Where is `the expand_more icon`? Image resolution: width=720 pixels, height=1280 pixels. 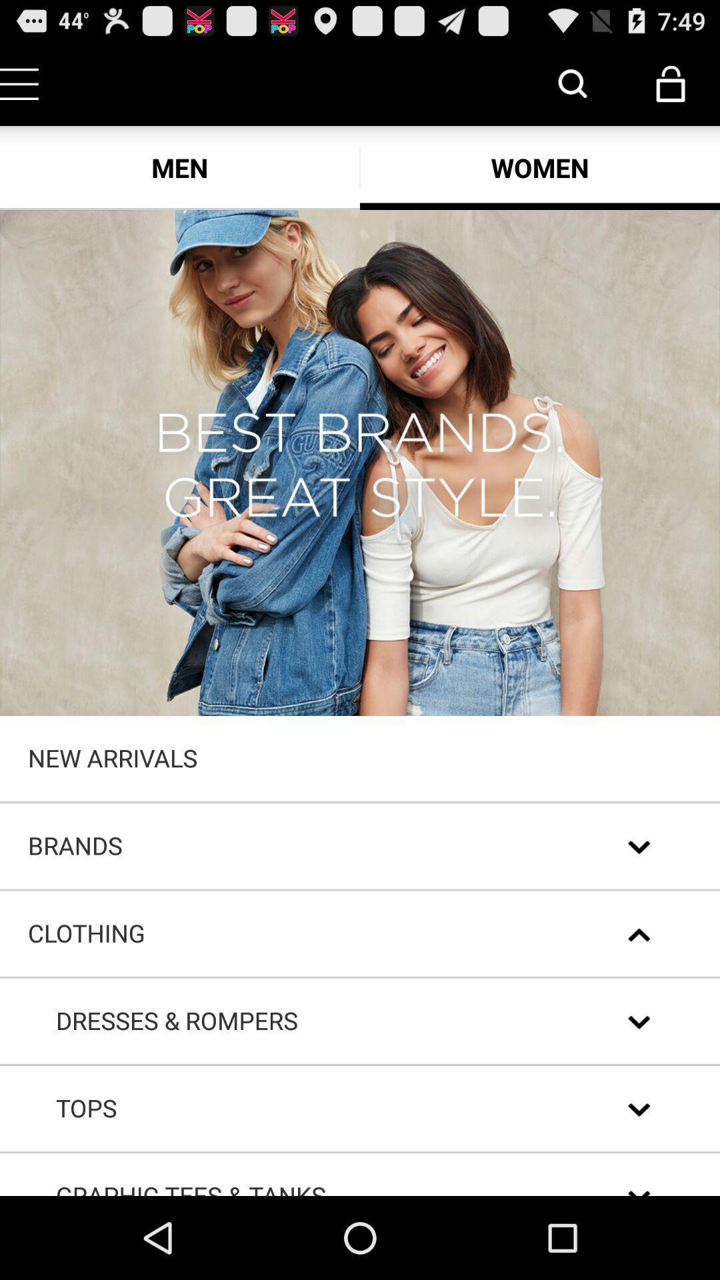
the expand_more icon is located at coordinates (639, 907).